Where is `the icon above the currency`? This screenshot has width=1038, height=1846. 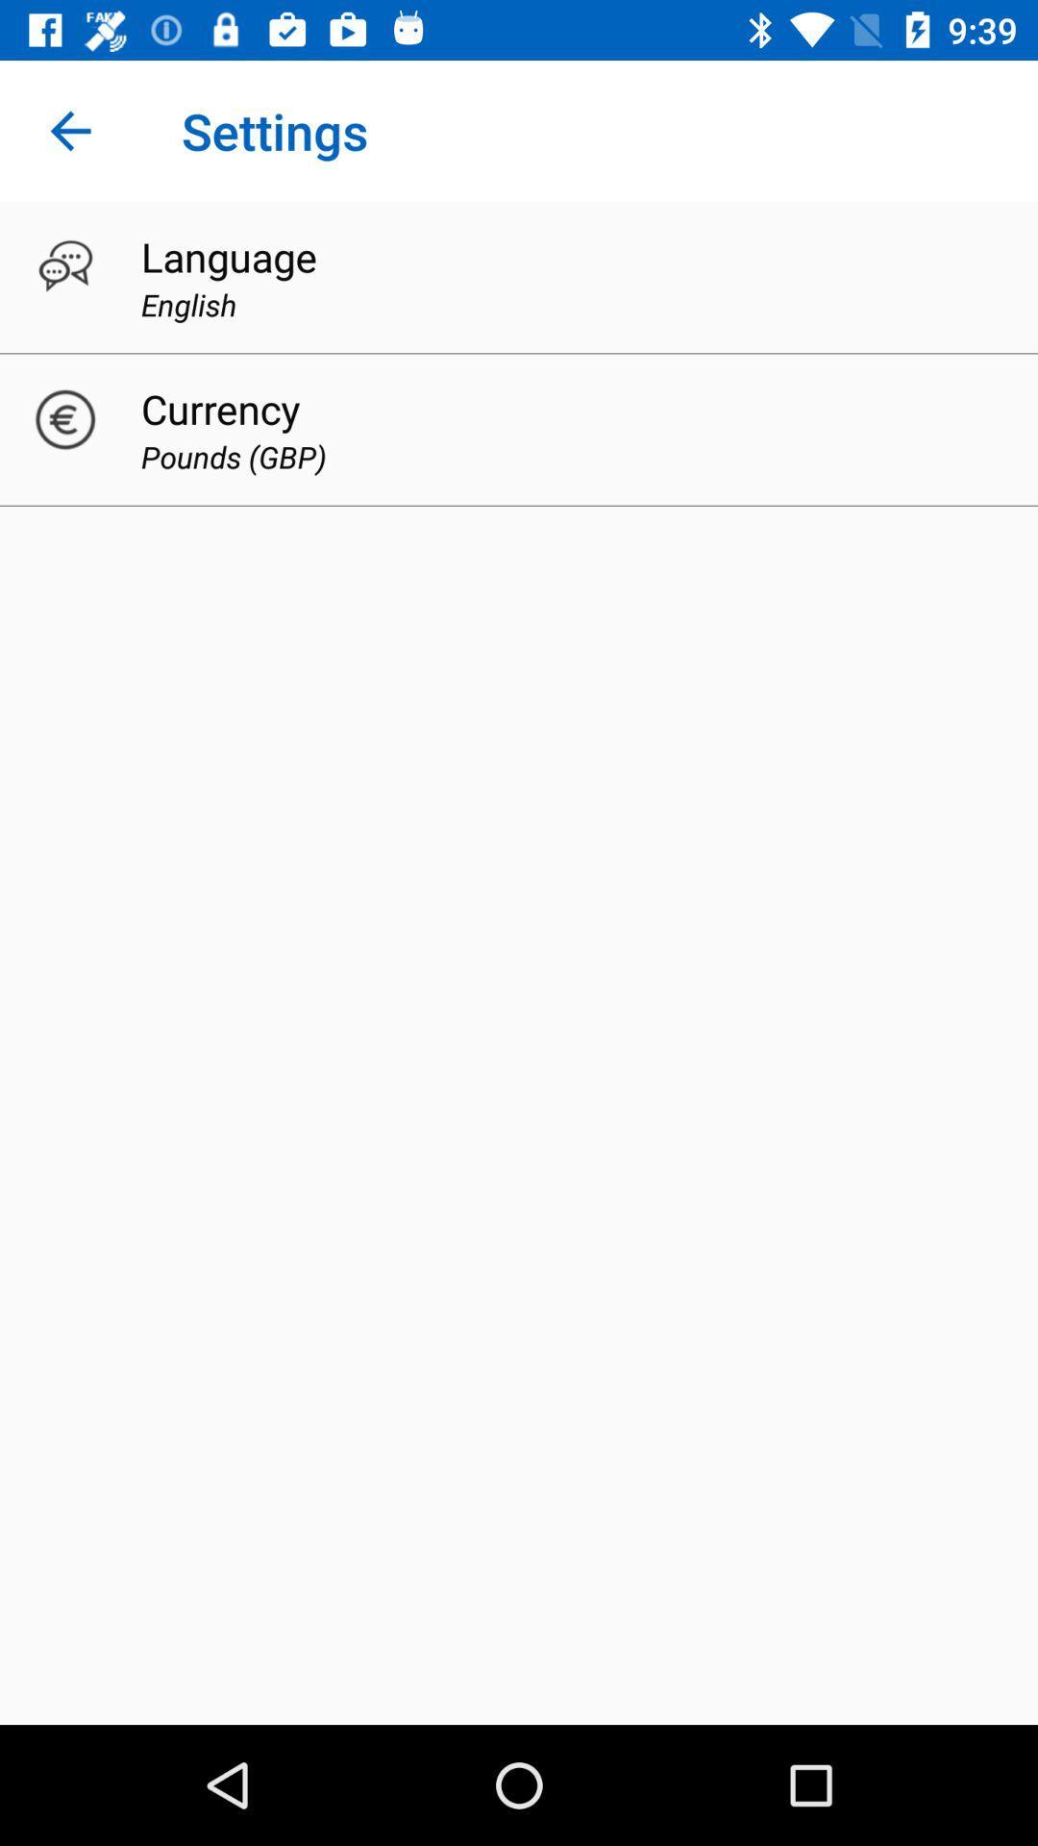 the icon above the currency is located at coordinates (188, 303).